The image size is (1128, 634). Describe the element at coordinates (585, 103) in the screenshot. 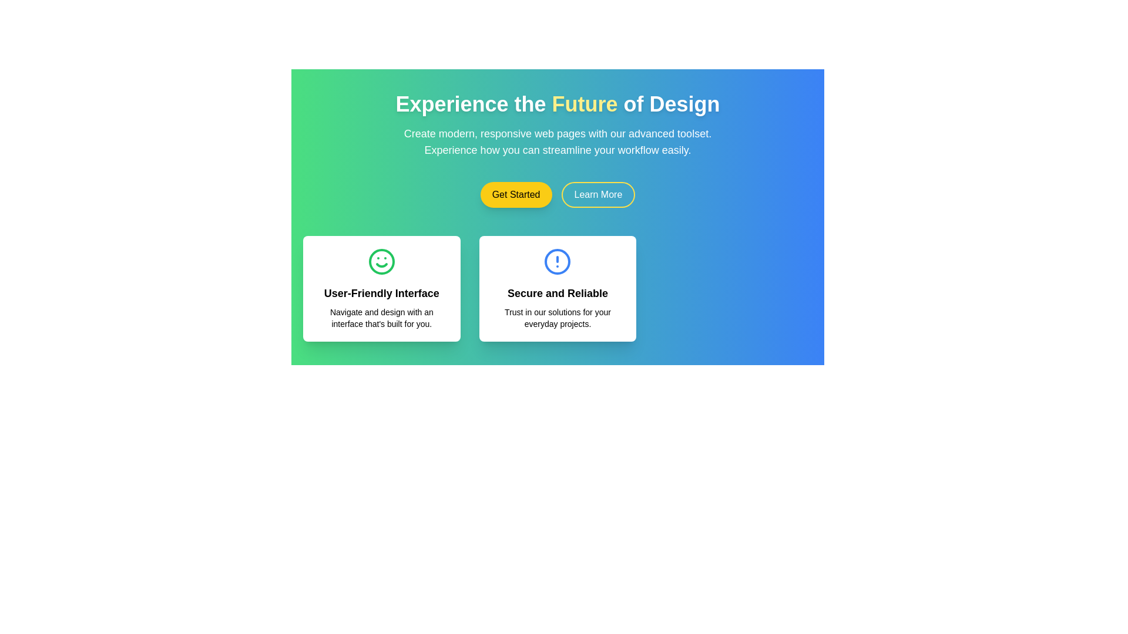

I see `text element displaying 'Future', which is styled in bold and large yellow font, part of the heading 'Experience the Future of Design'` at that location.